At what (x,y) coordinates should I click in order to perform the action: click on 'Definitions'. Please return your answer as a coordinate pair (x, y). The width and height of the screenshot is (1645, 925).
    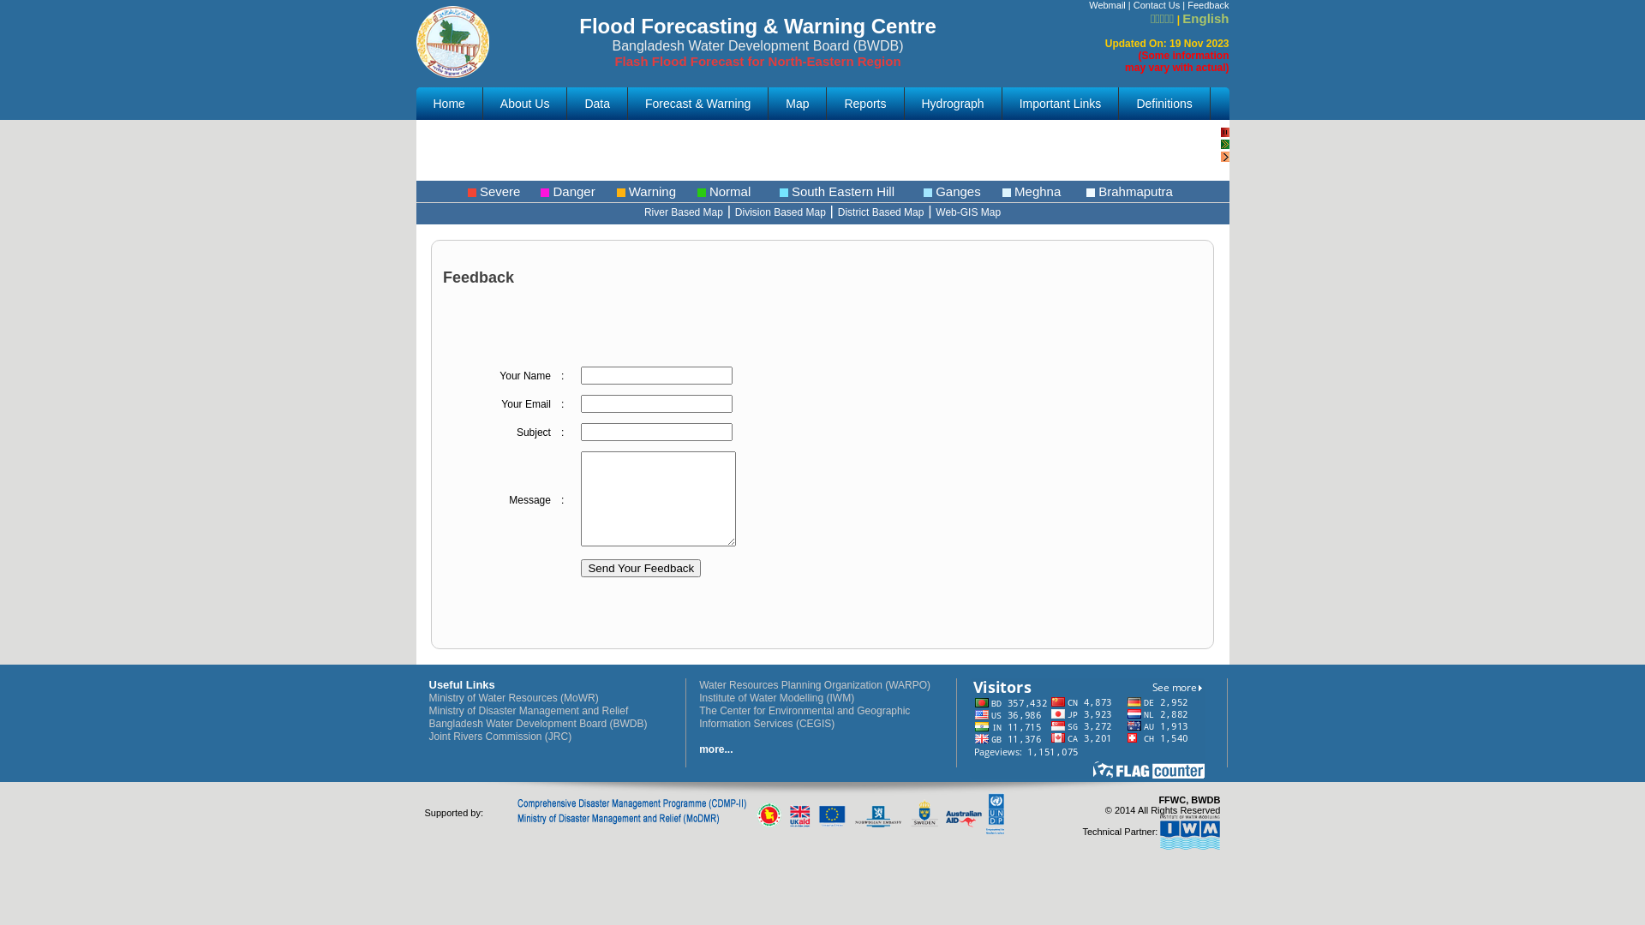
    Looking at the image, I should click on (1163, 103).